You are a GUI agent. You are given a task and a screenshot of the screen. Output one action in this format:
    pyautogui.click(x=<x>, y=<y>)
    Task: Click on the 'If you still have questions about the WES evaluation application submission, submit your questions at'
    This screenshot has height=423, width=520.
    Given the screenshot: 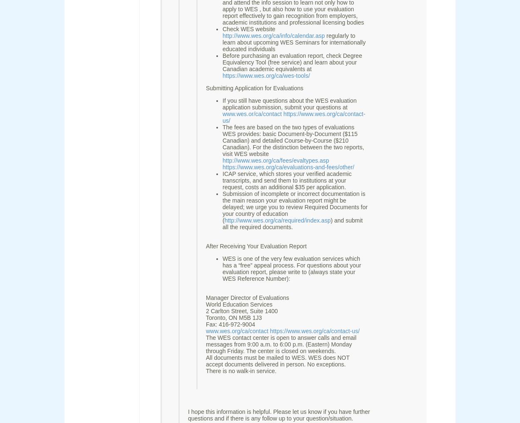 What is the action you would take?
    pyautogui.click(x=289, y=103)
    